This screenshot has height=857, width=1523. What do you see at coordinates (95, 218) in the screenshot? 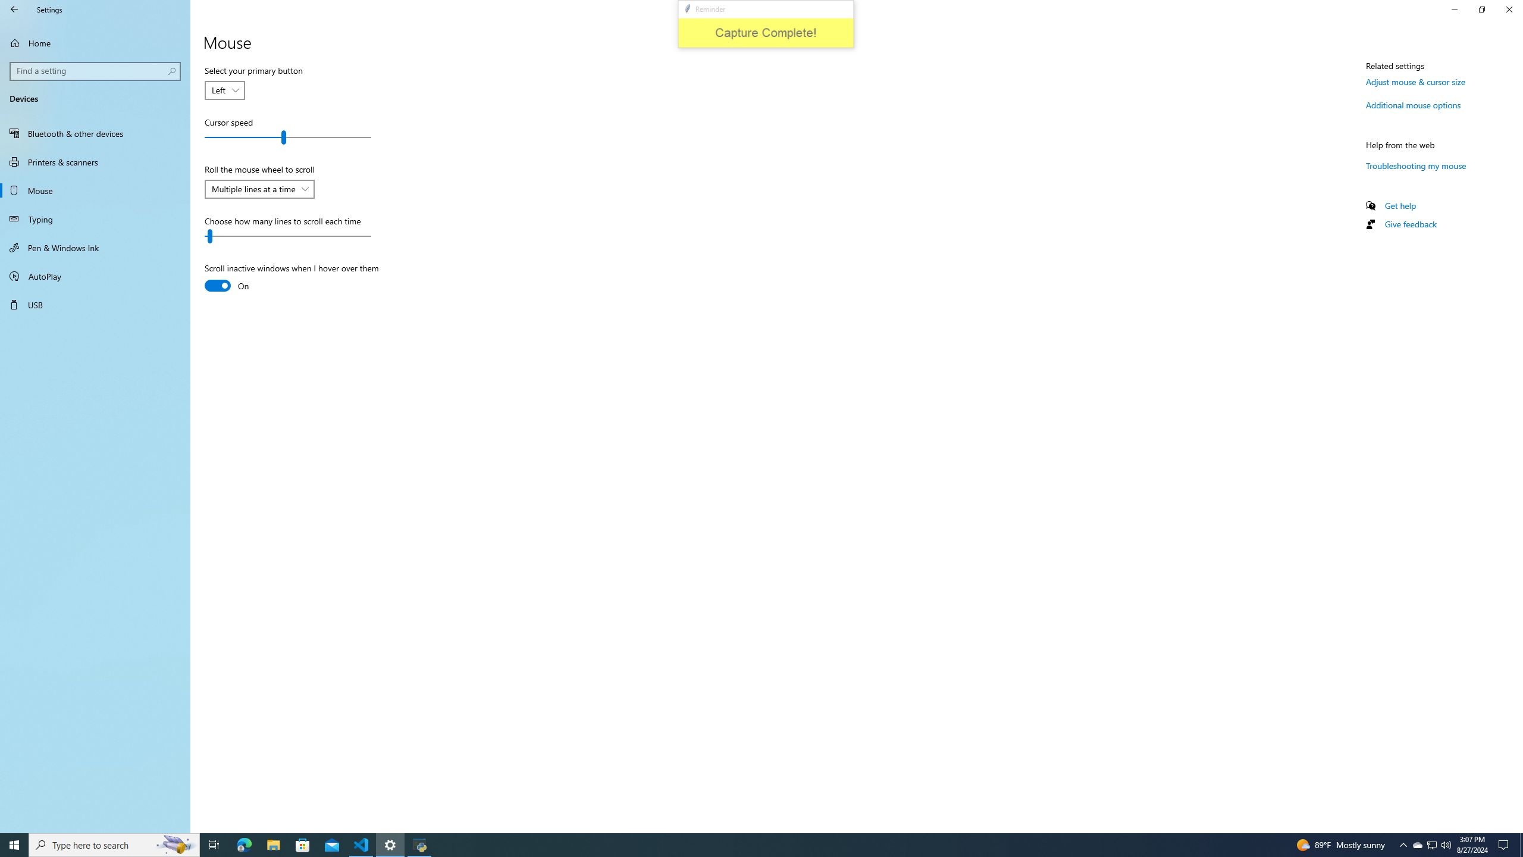
I see `'Typing'` at bounding box center [95, 218].